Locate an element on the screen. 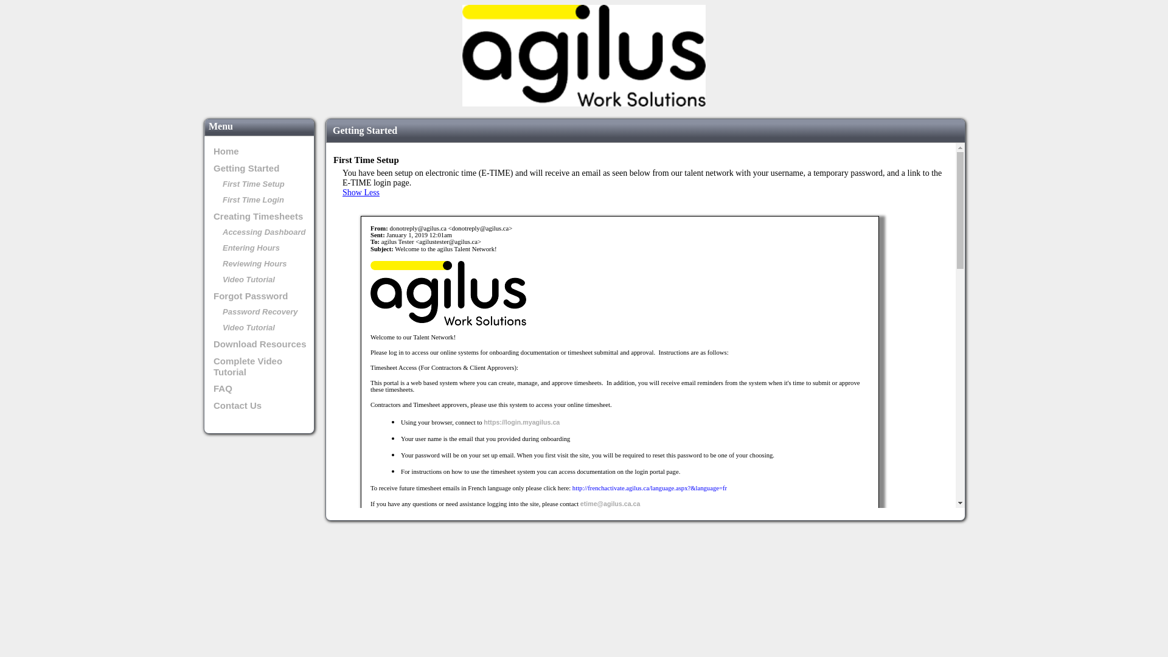 This screenshot has height=657, width=1168. 'https://login.myagilus.ca' is located at coordinates (521, 422).